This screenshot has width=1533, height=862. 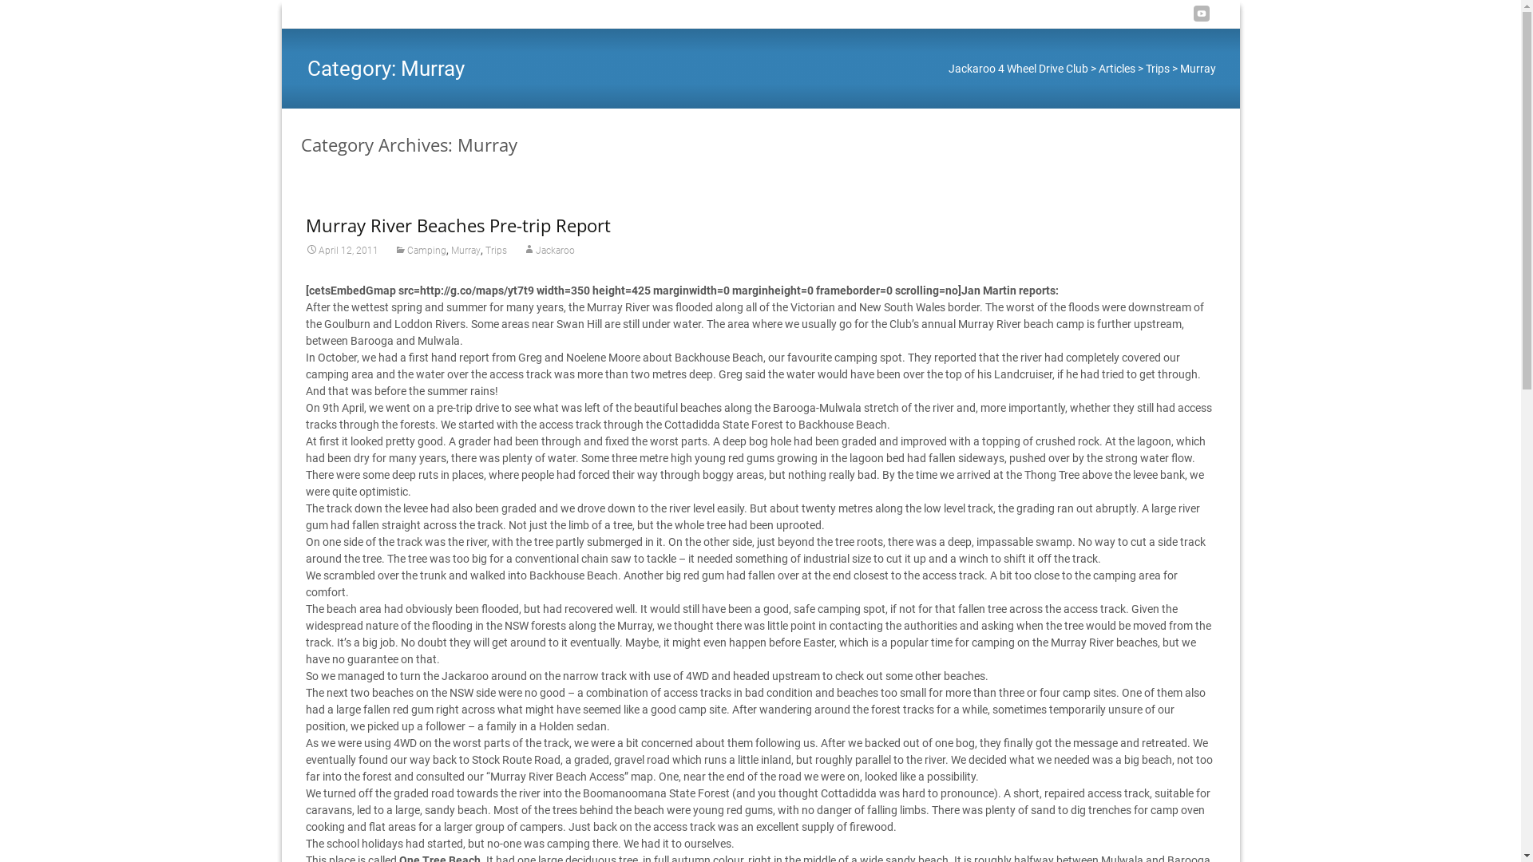 I want to click on 'April 12, 2011', so click(x=340, y=250).